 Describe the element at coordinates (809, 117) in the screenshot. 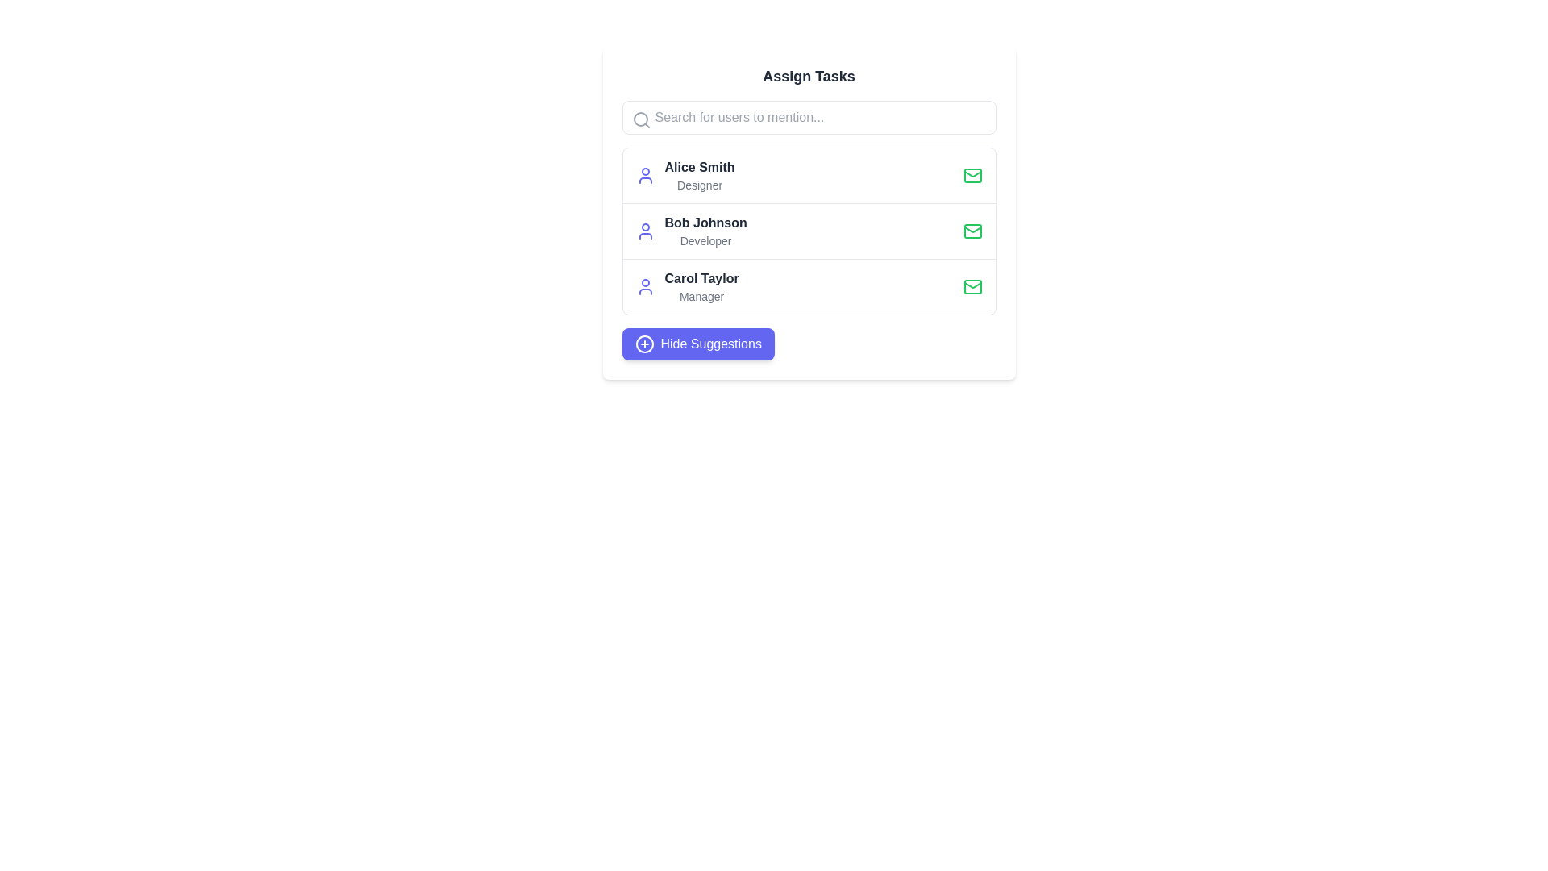

I see `the text input field with the placeholder 'Search for users to mention...' located below the title 'Assign Tasks' to focus the input field` at that location.